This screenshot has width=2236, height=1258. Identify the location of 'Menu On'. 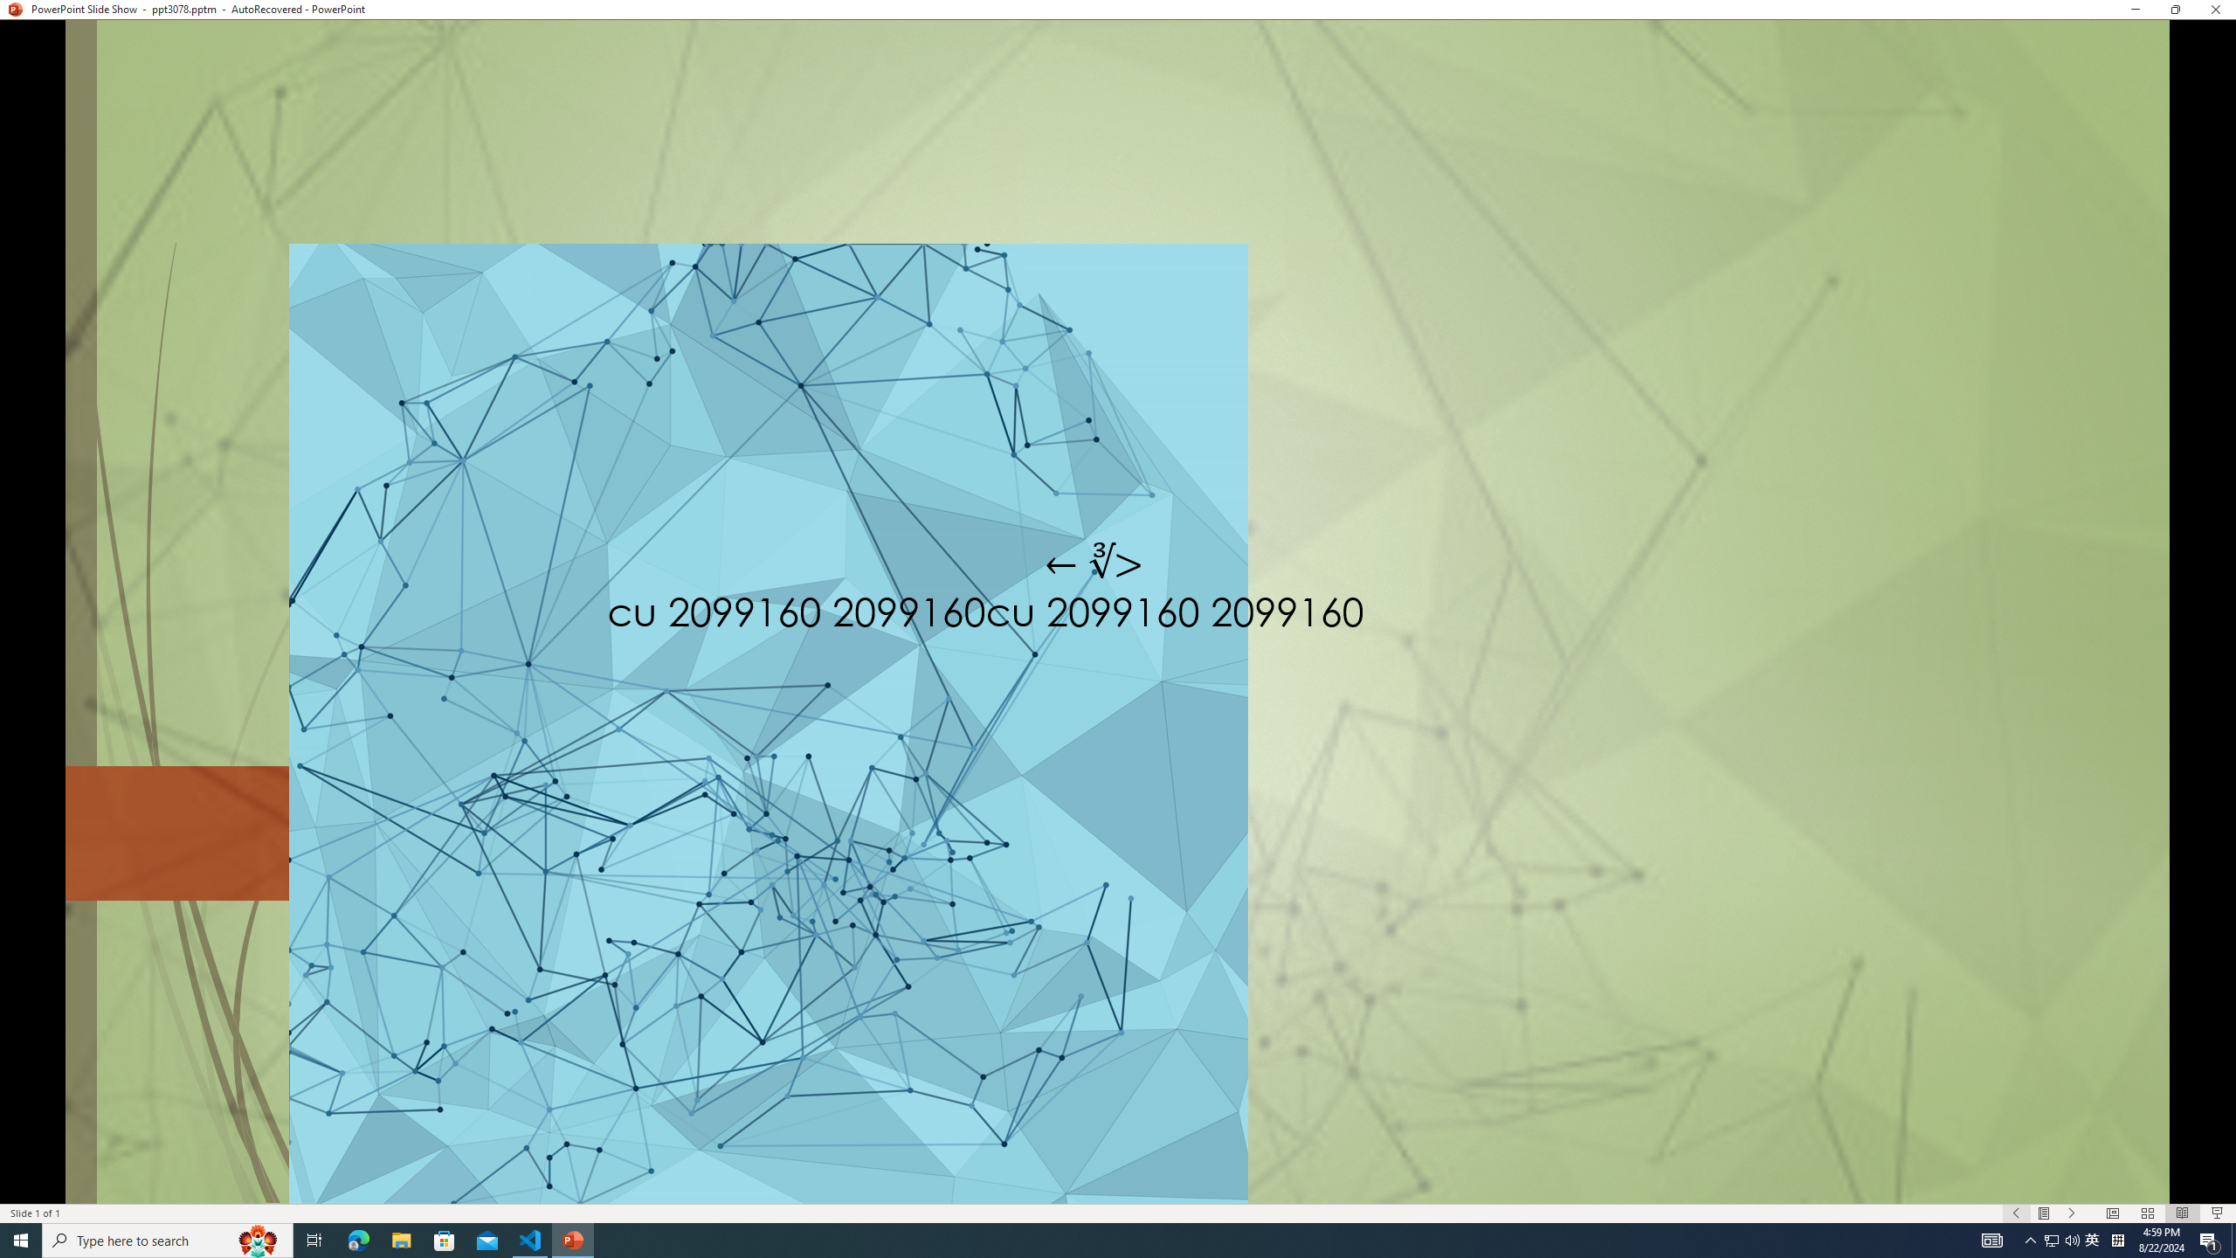
(2044, 1213).